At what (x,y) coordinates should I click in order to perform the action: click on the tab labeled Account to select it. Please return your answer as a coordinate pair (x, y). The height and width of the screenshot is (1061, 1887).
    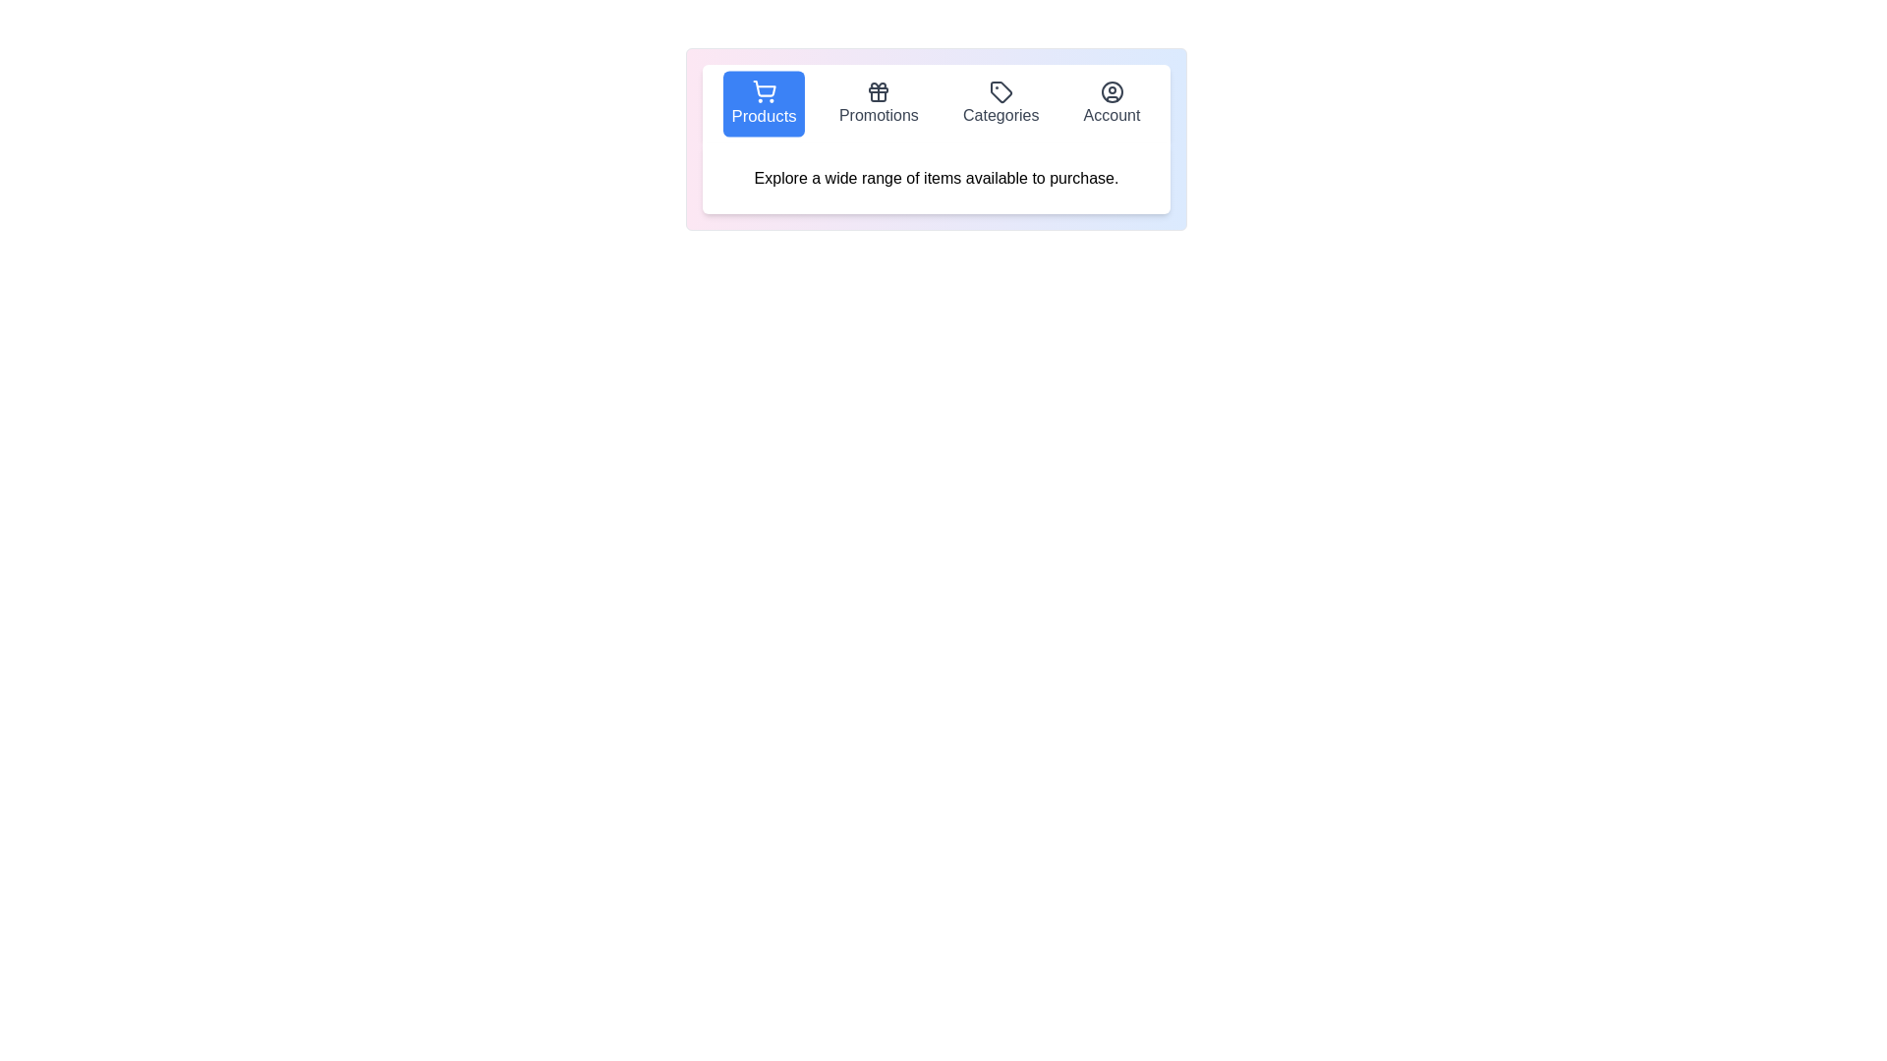
    Looking at the image, I should click on (1113, 103).